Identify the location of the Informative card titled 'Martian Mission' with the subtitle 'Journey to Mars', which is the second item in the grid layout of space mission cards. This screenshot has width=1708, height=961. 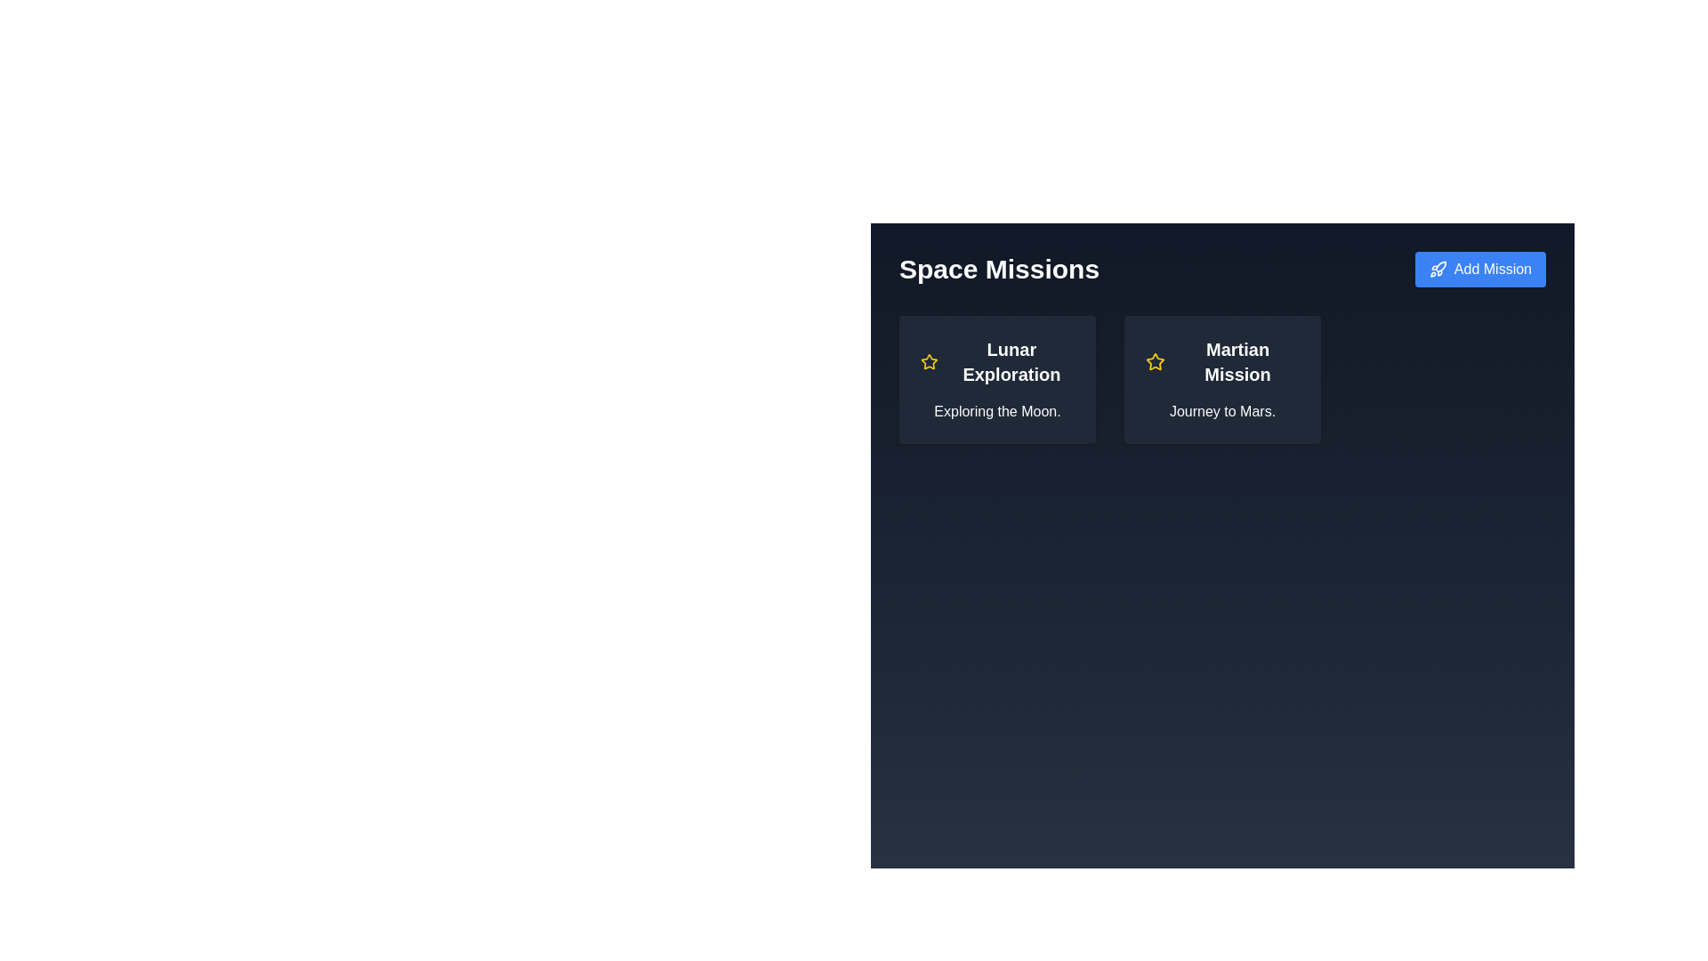
(1221, 379).